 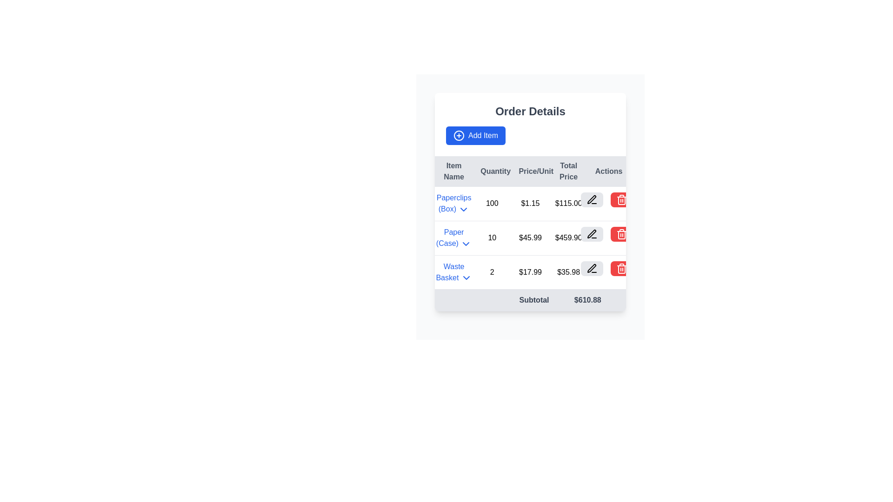 I want to click on the delete button located in the third row of the 'Actions' column in the 'Order Details' table, so click(x=621, y=233).